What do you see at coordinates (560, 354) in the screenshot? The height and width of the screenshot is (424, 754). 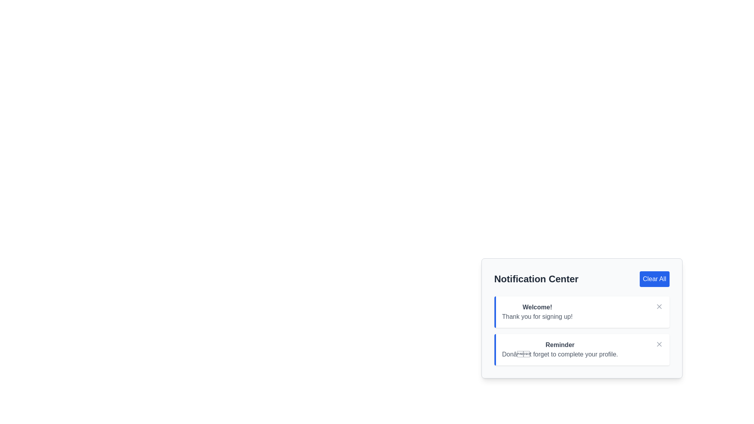 I see `the text element that reads 'Don’t forget to complete your profile.' located under the 'Reminder' label in the notification card` at bounding box center [560, 354].